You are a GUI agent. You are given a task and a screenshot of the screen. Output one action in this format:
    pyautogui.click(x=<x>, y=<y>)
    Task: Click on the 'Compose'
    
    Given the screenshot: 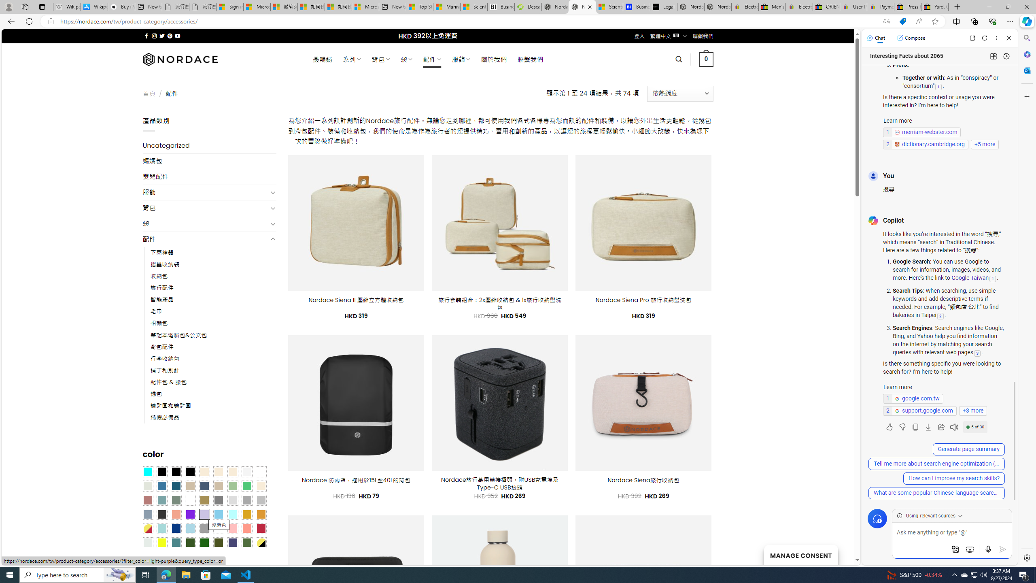 What is the action you would take?
    pyautogui.click(x=911, y=37)
    